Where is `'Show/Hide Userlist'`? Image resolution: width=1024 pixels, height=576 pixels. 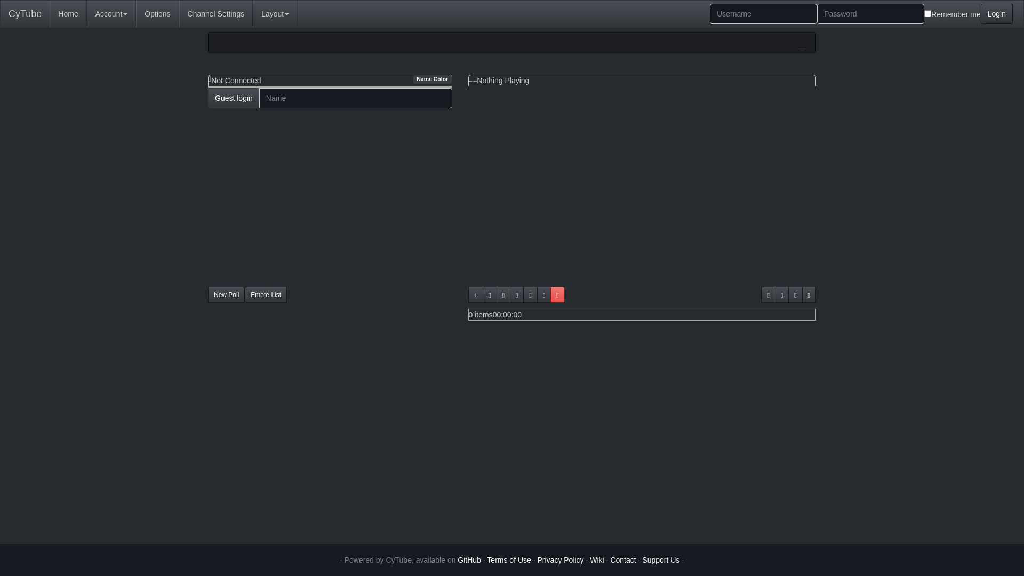 'Show/Hide Userlist' is located at coordinates (210, 79).